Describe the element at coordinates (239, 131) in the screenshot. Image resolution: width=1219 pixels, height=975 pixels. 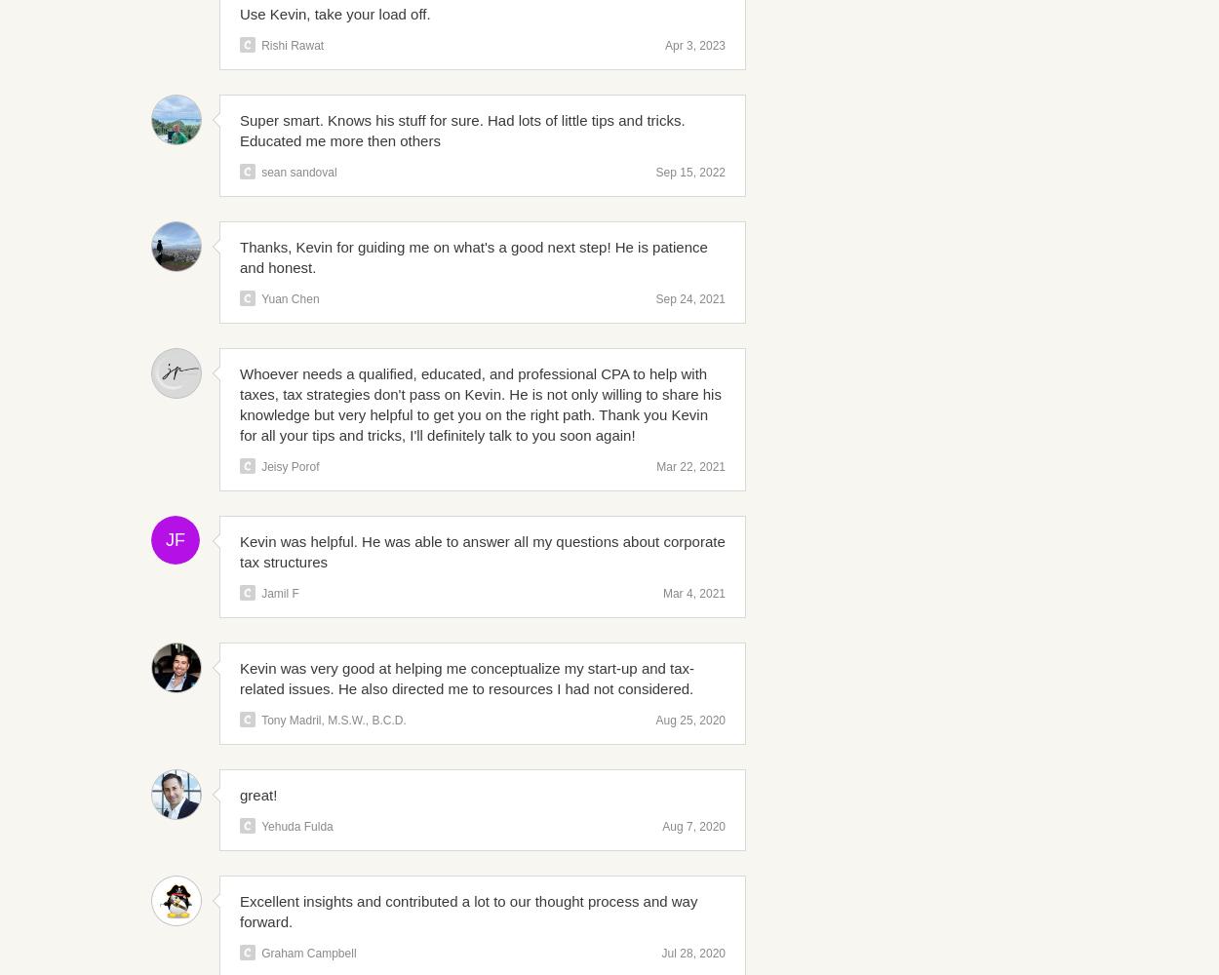
I see `'Super smart. Knows his stuff for sure. Had lots of little tips and tricks. Educated me more then others'` at that location.